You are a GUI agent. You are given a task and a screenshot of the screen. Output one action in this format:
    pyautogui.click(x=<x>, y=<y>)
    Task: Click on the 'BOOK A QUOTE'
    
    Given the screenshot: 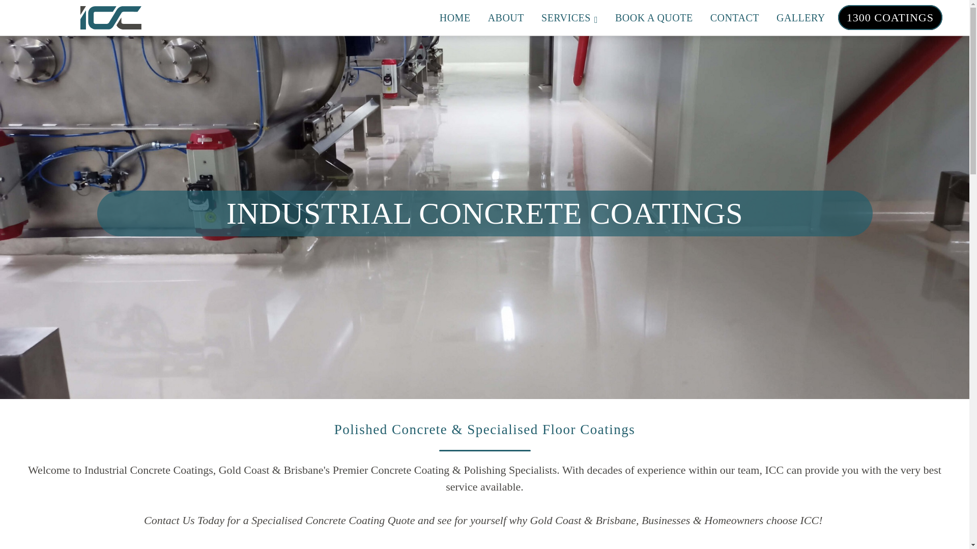 What is the action you would take?
    pyautogui.click(x=654, y=17)
    